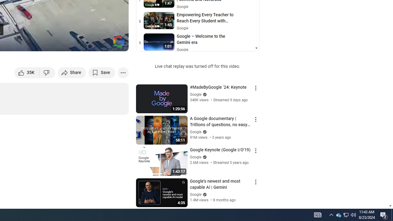 The image size is (393, 221). Describe the element at coordinates (47, 72) in the screenshot. I see `'Dislike this video'` at that location.